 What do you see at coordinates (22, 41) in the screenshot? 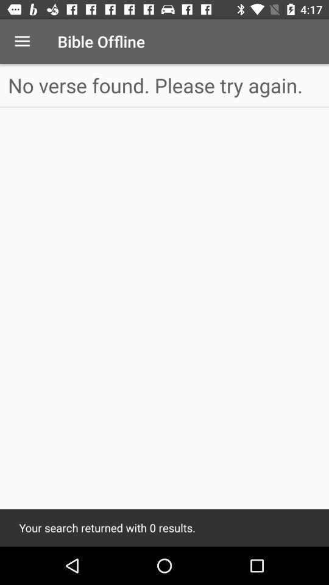
I see `icon next to bible offline icon` at bounding box center [22, 41].